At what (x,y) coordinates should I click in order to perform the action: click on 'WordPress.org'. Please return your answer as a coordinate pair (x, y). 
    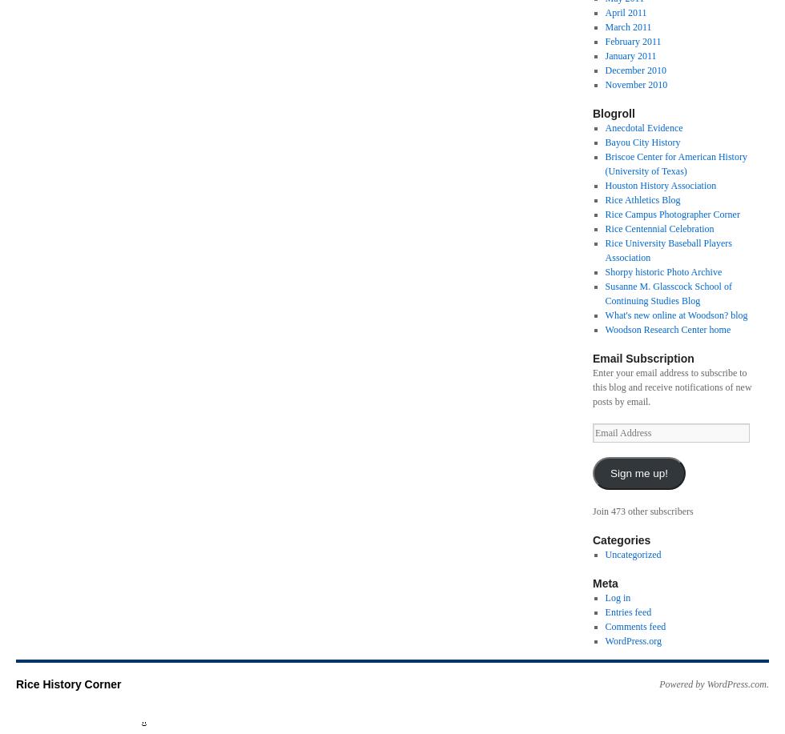
    Looking at the image, I should click on (633, 640).